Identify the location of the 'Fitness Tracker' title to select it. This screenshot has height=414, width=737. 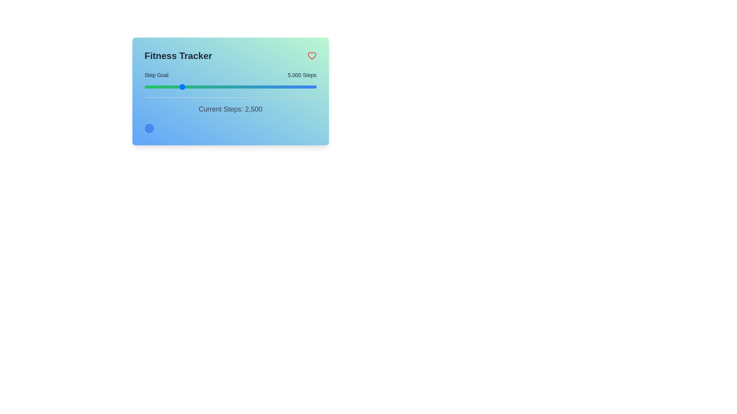
(178, 56).